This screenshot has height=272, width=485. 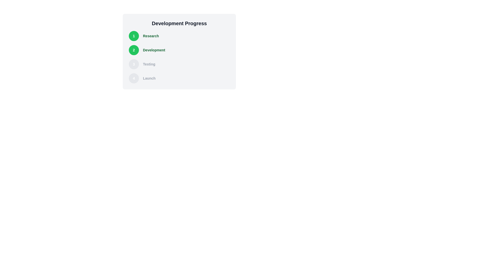 What do you see at coordinates (179, 50) in the screenshot?
I see `the 'Development' step indicator, which is the second step in the progress indicator, to check its current or completed status` at bounding box center [179, 50].